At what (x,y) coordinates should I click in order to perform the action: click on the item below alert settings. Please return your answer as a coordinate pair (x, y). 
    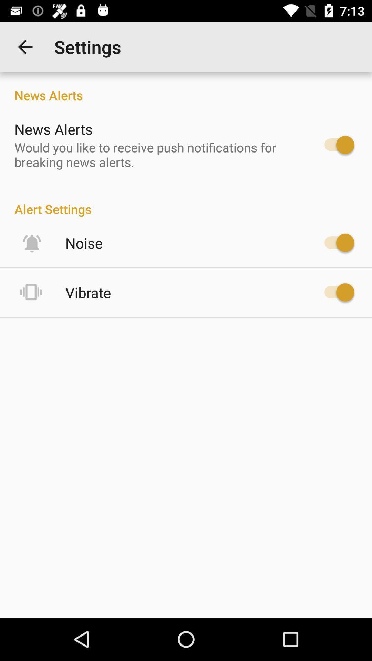
    Looking at the image, I should click on (84, 243).